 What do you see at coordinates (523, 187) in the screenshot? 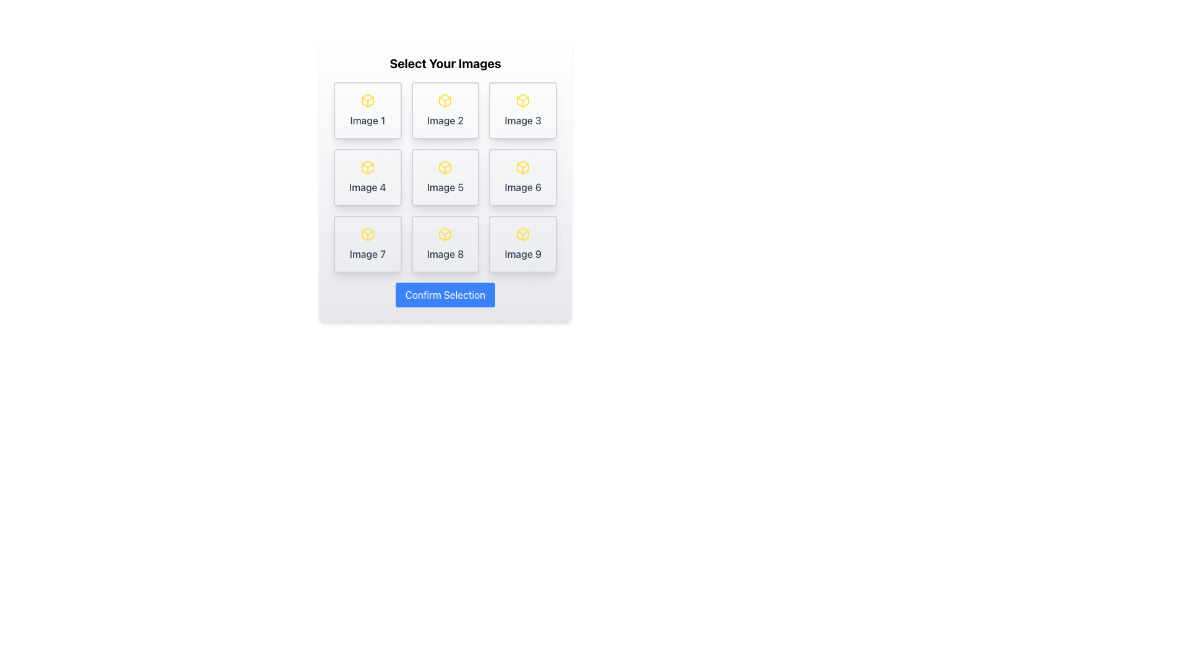
I see `the text label displaying 'Image 6' located at the center bottom of the card structure, which is the rightmost card in the second row` at bounding box center [523, 187].